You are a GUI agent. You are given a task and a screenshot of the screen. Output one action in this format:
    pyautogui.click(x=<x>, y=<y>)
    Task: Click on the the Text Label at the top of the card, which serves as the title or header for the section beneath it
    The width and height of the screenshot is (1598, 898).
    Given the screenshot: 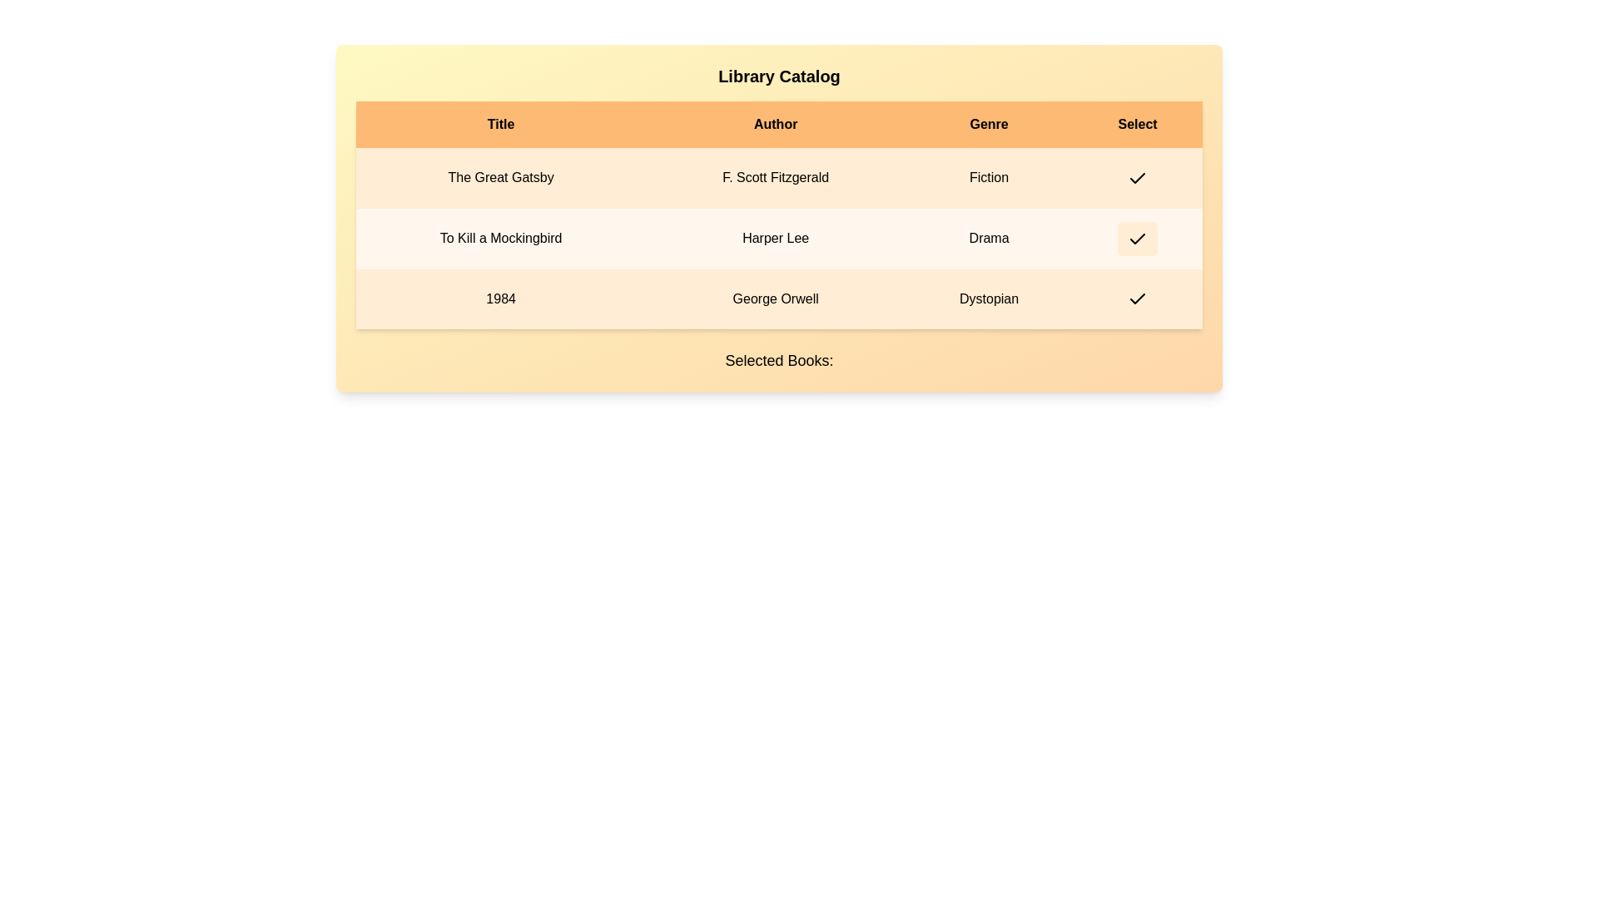 What is the action you would take?
    pyautogui.click(x=778, y=76)
    